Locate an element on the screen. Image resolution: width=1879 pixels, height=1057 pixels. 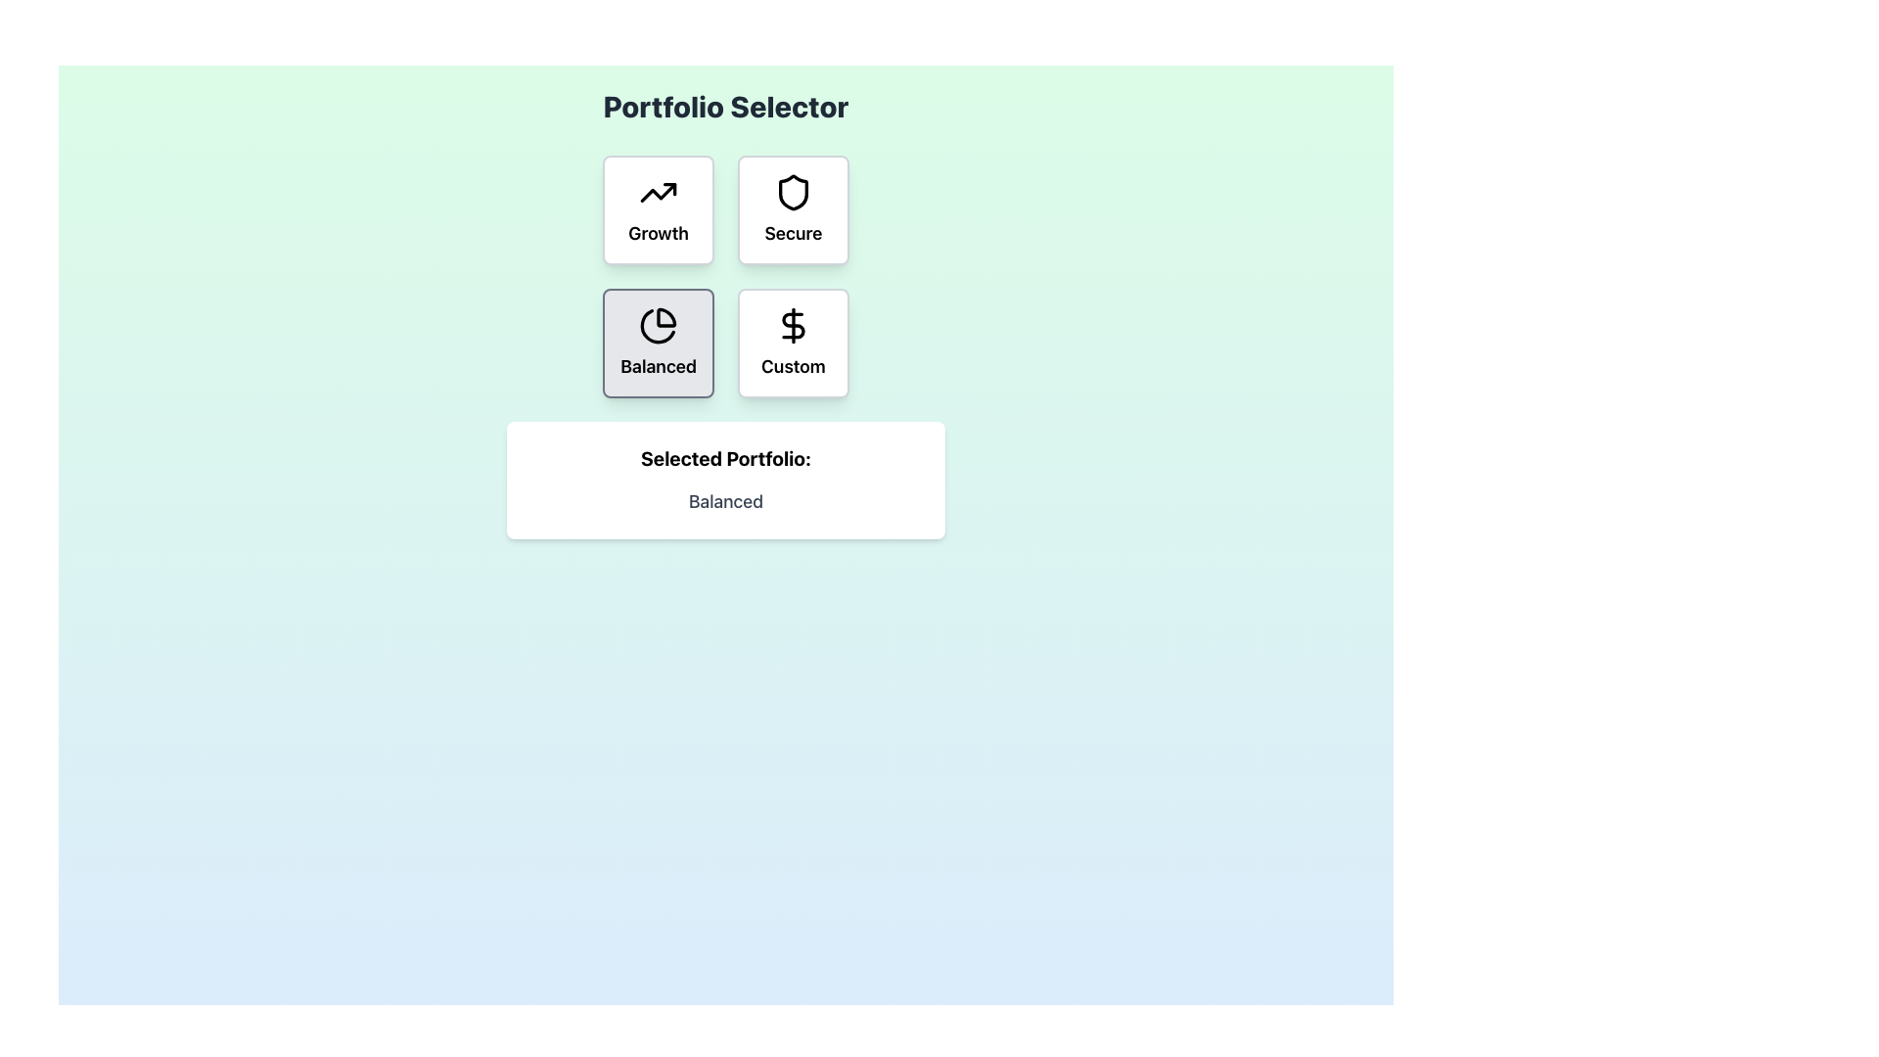
the square button labeled 'Balanced' with a pie chart icon, located in the lower-left quadrant of the grid is located at coordinates (659, 343).